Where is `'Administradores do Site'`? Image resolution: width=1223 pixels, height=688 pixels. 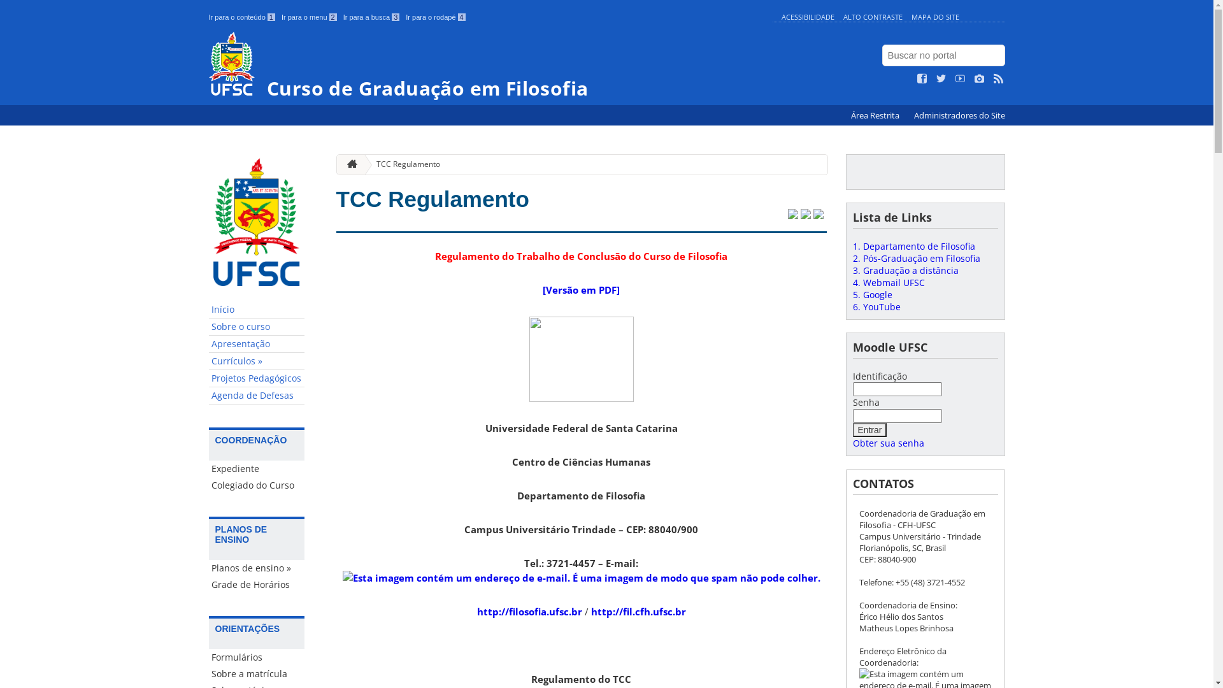
'Administradores do Site' is located at coordinates (959, 115).